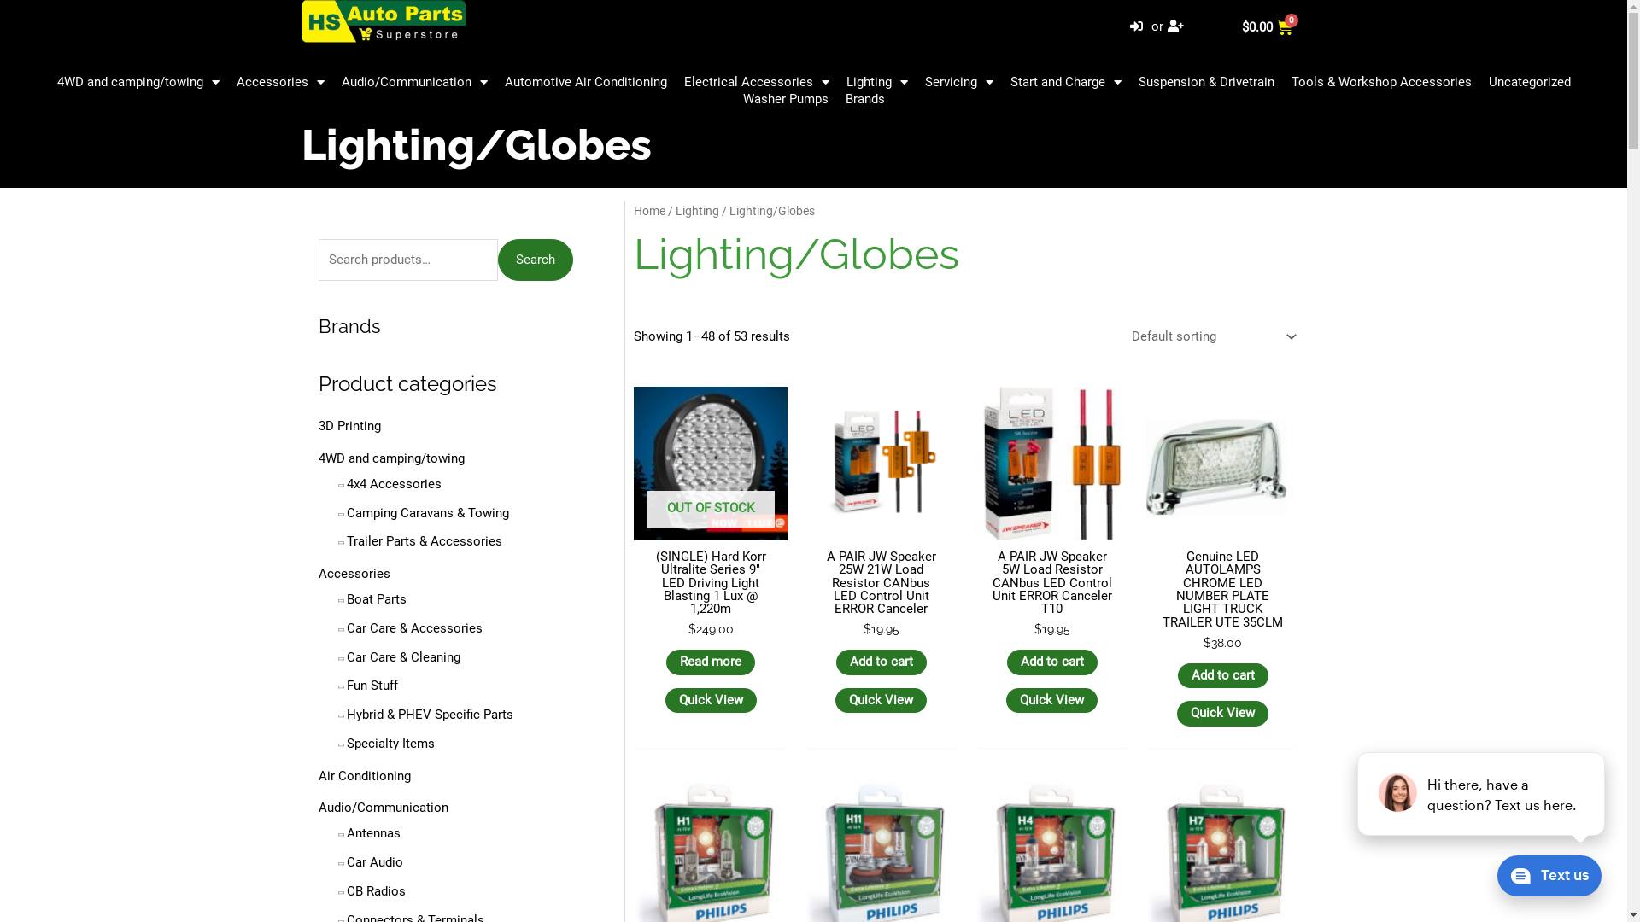 This screenshot has height=922, width=1640. Describe the element at coordinates (710, 464) in the screenshot. I see `'OUT OF STOCK'` at that location.